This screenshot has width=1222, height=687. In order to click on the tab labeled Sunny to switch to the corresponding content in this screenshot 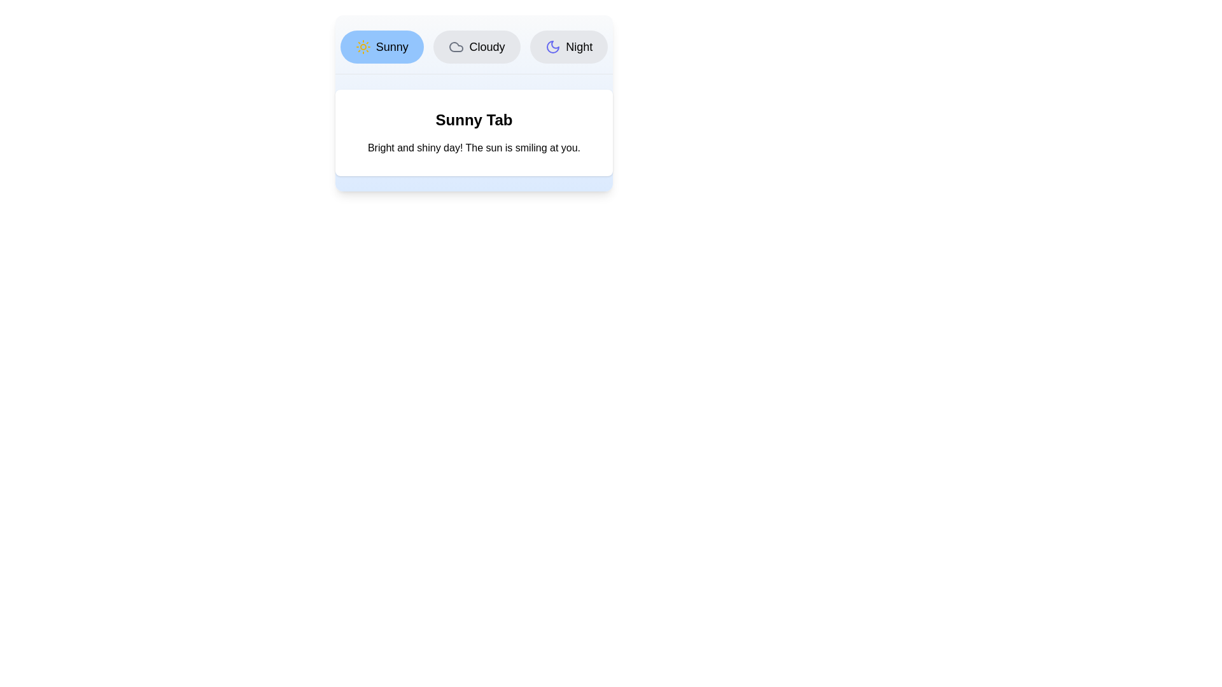, I will do `click(381, 46)`.